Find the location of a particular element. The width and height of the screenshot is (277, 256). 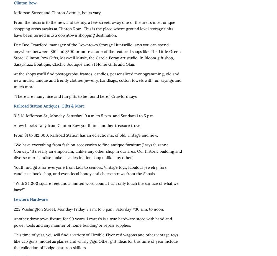

'Clinton Row' is located at coordinates (25, 3).